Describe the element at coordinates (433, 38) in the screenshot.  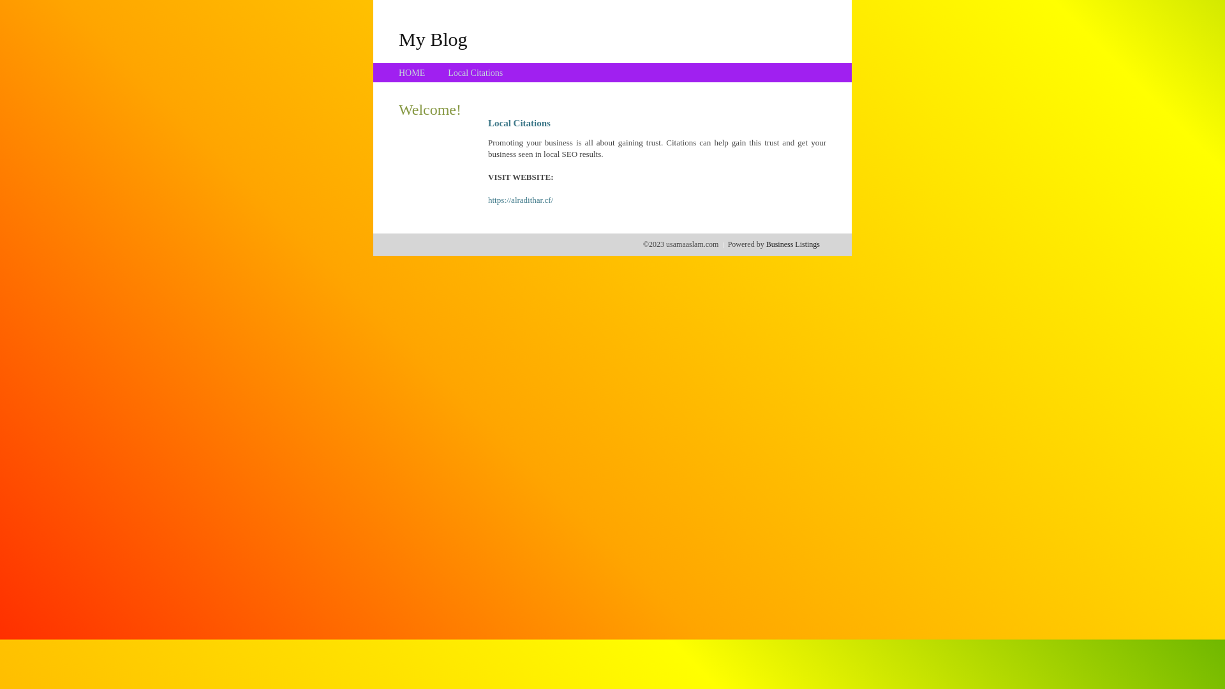
I see `'My Blog'` at that location.